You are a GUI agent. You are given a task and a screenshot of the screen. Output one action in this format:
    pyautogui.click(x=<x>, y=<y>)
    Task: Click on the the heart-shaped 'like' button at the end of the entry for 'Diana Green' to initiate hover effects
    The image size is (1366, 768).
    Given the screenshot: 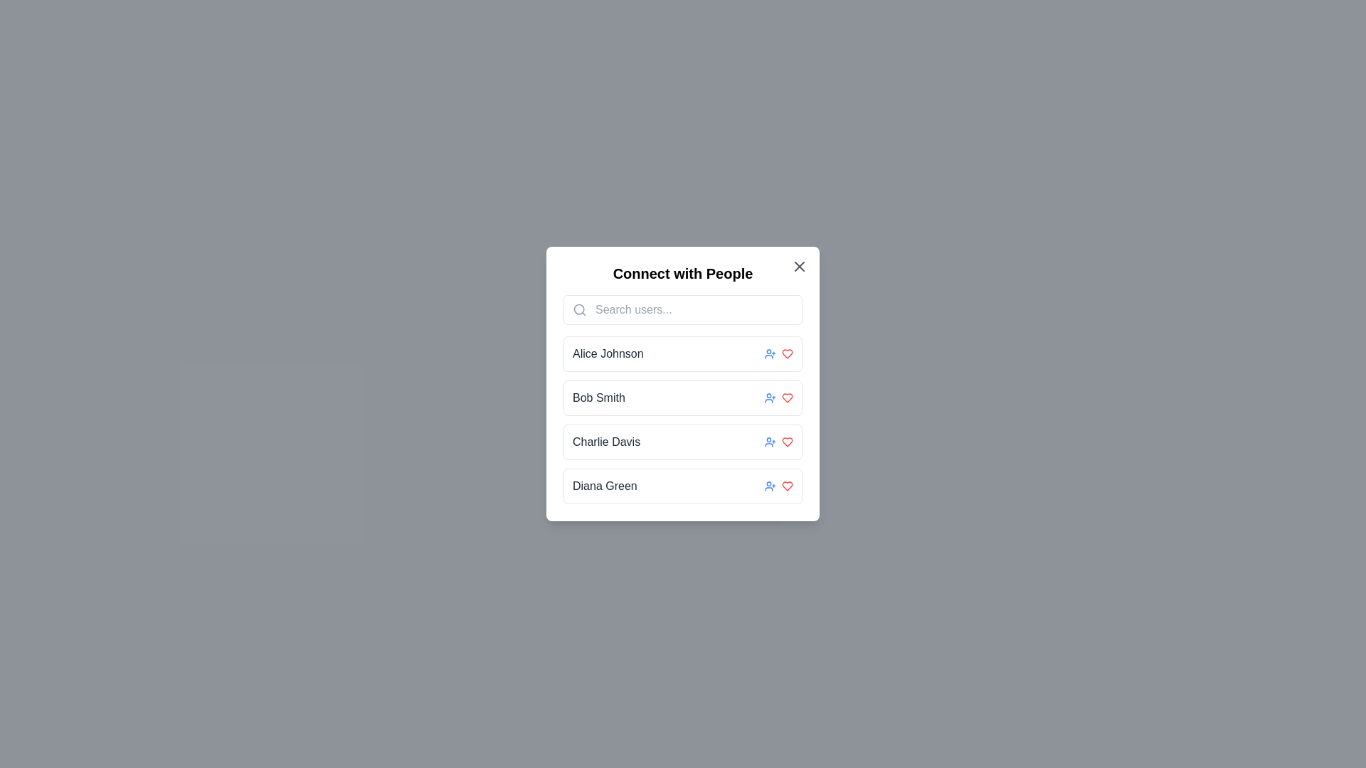 What is the action you would take?
    pyautogui.click(x=787, y=485)
    